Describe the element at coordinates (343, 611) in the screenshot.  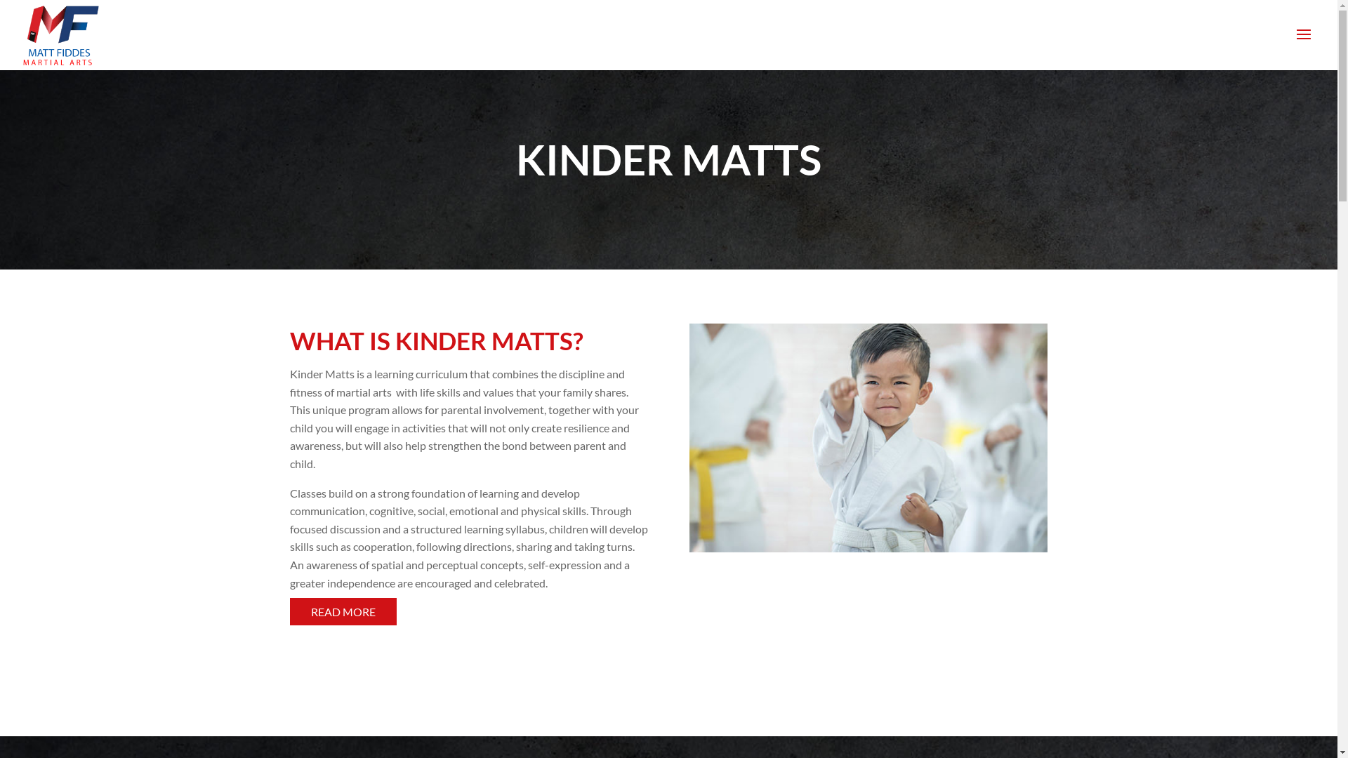
I see `'READ MORE'` at that location.